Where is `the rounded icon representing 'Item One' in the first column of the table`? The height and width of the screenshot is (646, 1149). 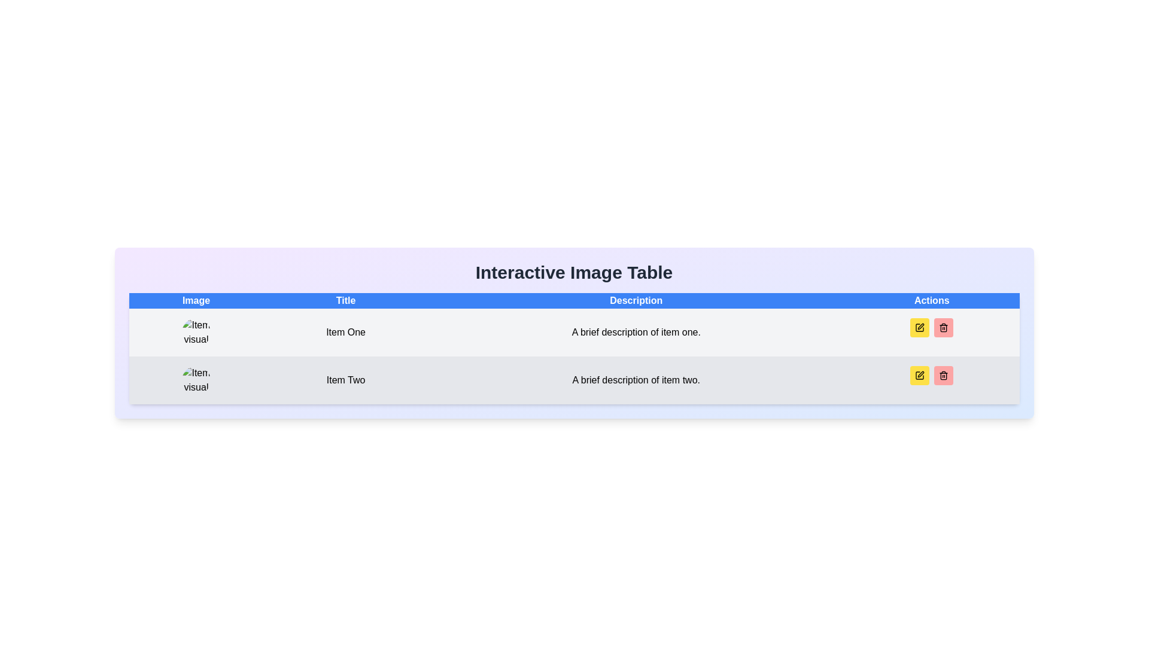
the rounded icon representing 'Item One' in the first column of the table is located at coordinates (196, 332).